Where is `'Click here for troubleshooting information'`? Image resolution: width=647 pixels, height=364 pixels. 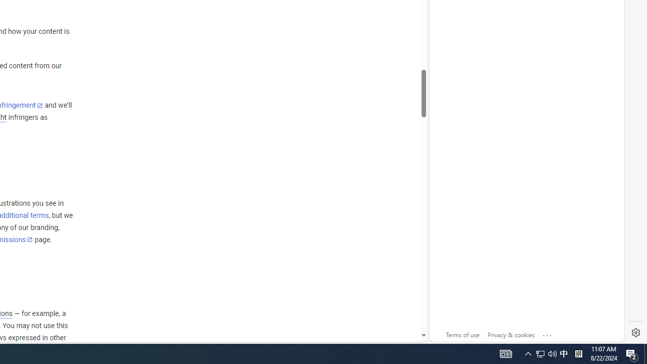
'Click here for troubleshooting information' is located at coordinates (547, 333).